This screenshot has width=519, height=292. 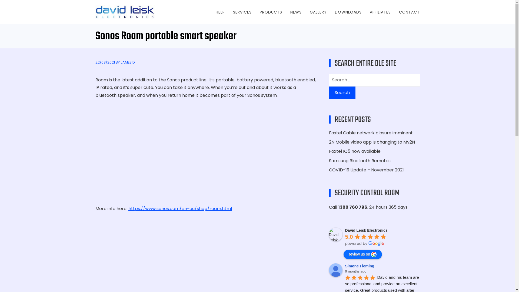 What do you see at coordinates (318, 12) in the screenshot?
I see `'GALLERY'` at bounding box center [318, 12].